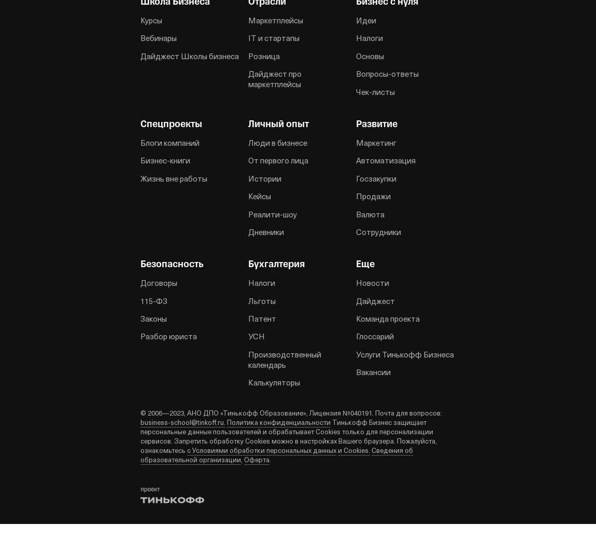 The image size is (596, 552). I want to click on 'Реалити-шоу', so click(273, 213).